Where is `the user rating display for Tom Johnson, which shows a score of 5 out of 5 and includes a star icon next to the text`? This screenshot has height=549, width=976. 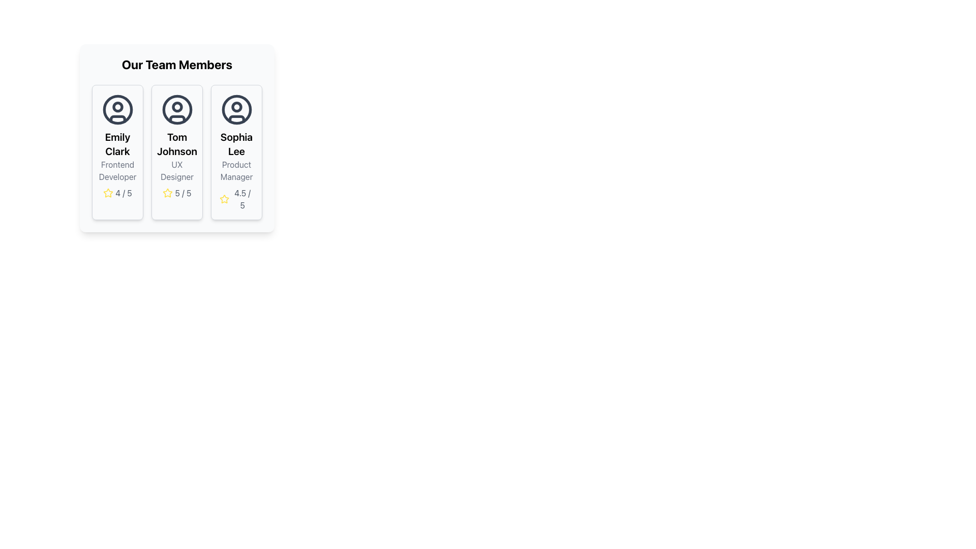
the user rating display for Tom Johnson, which shows a score of 5 out of 5 and includes a star icon next to the text is located at coordinates (177, 193).